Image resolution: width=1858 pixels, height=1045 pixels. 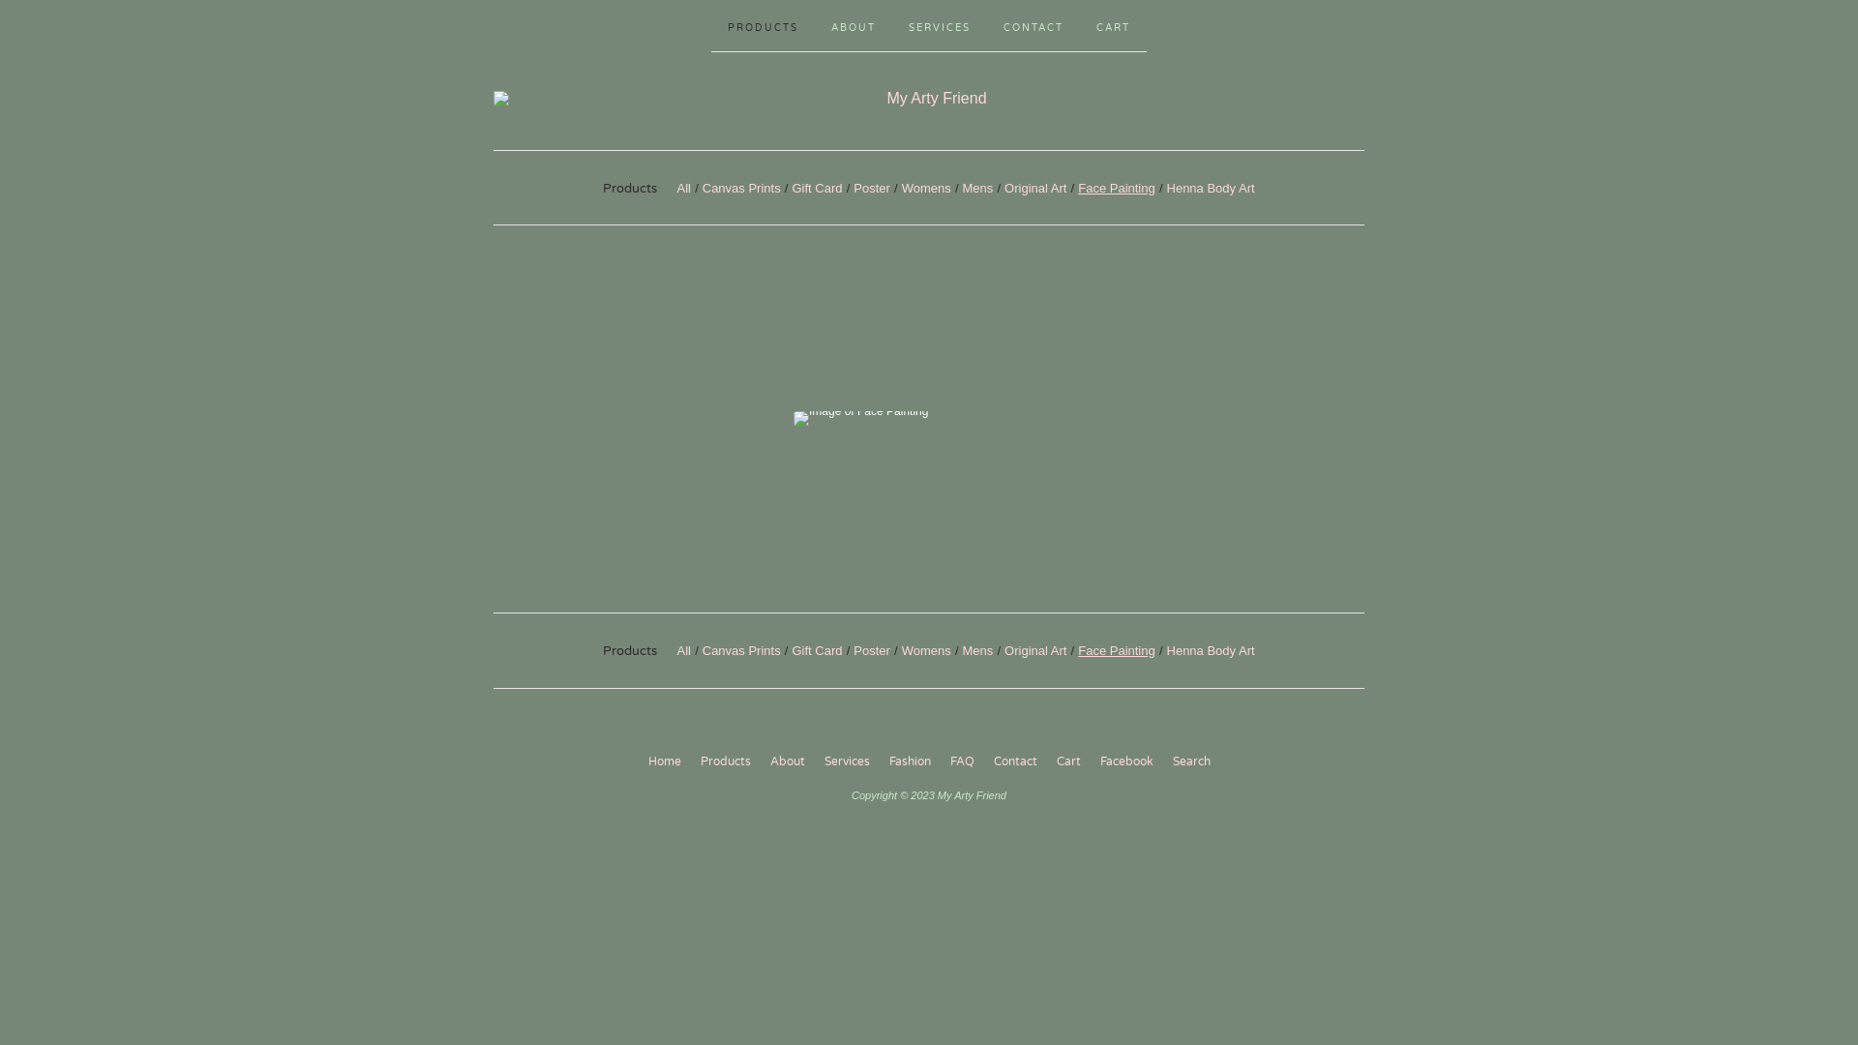 I want to click on 'Mens', so click(x=978, y=187).